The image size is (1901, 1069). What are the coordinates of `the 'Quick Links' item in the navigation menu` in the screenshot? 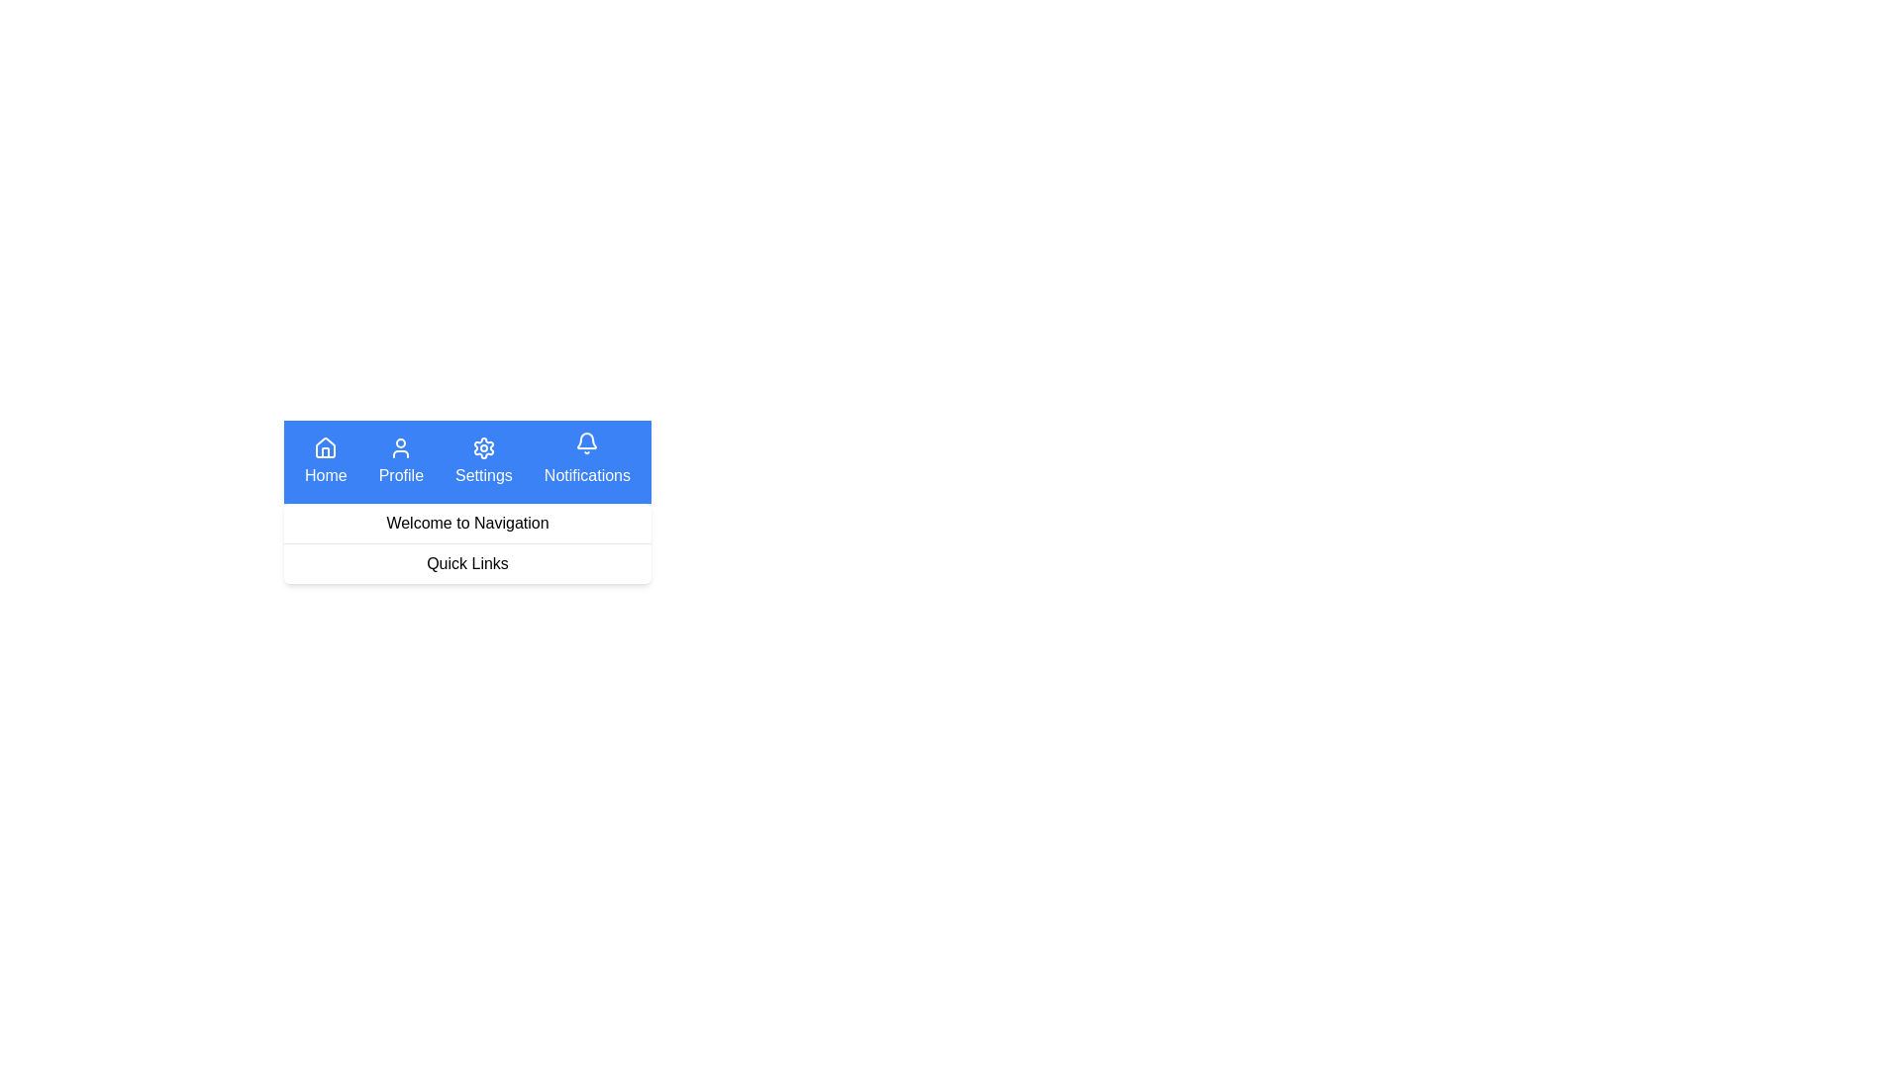 It's located at (466, 564).